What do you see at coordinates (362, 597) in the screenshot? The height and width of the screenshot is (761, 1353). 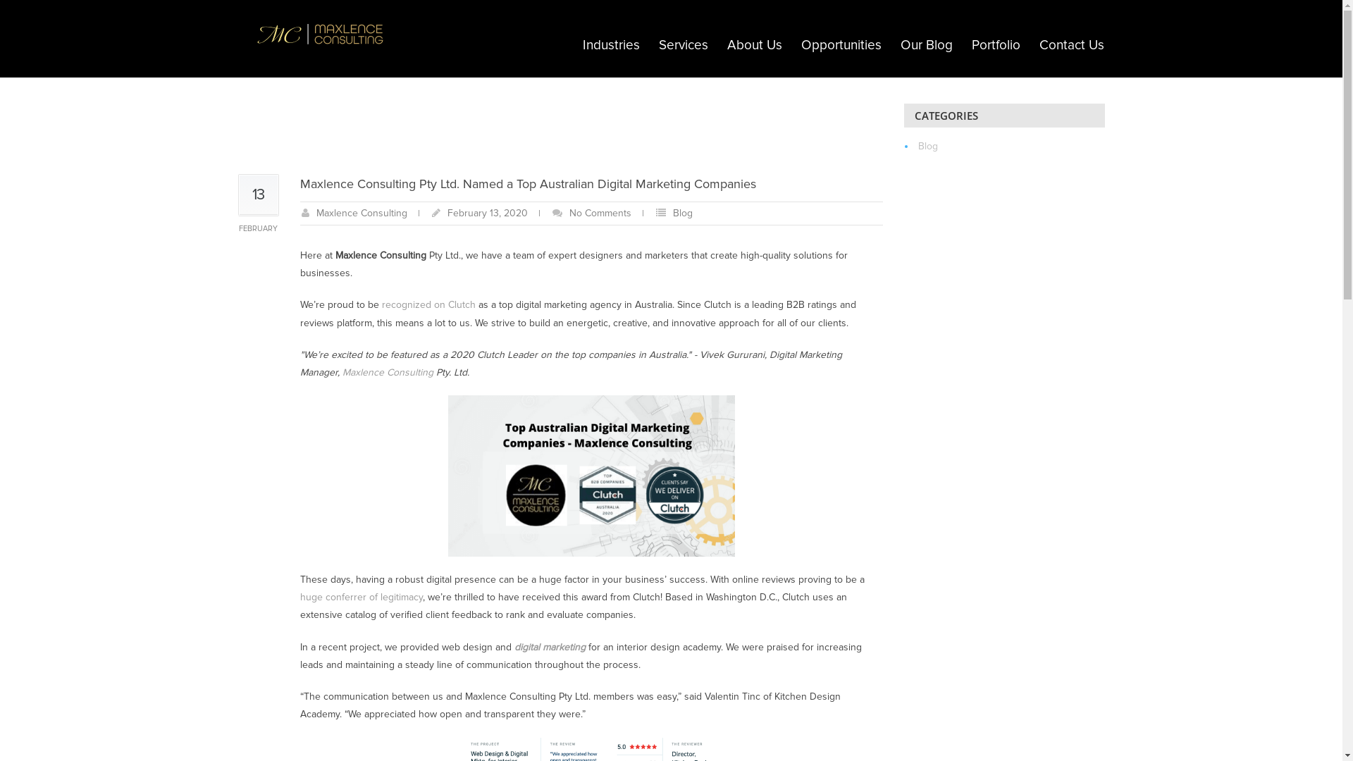 I see `'huge conferrer of legitimacy'` at bounding box center [362, 597].